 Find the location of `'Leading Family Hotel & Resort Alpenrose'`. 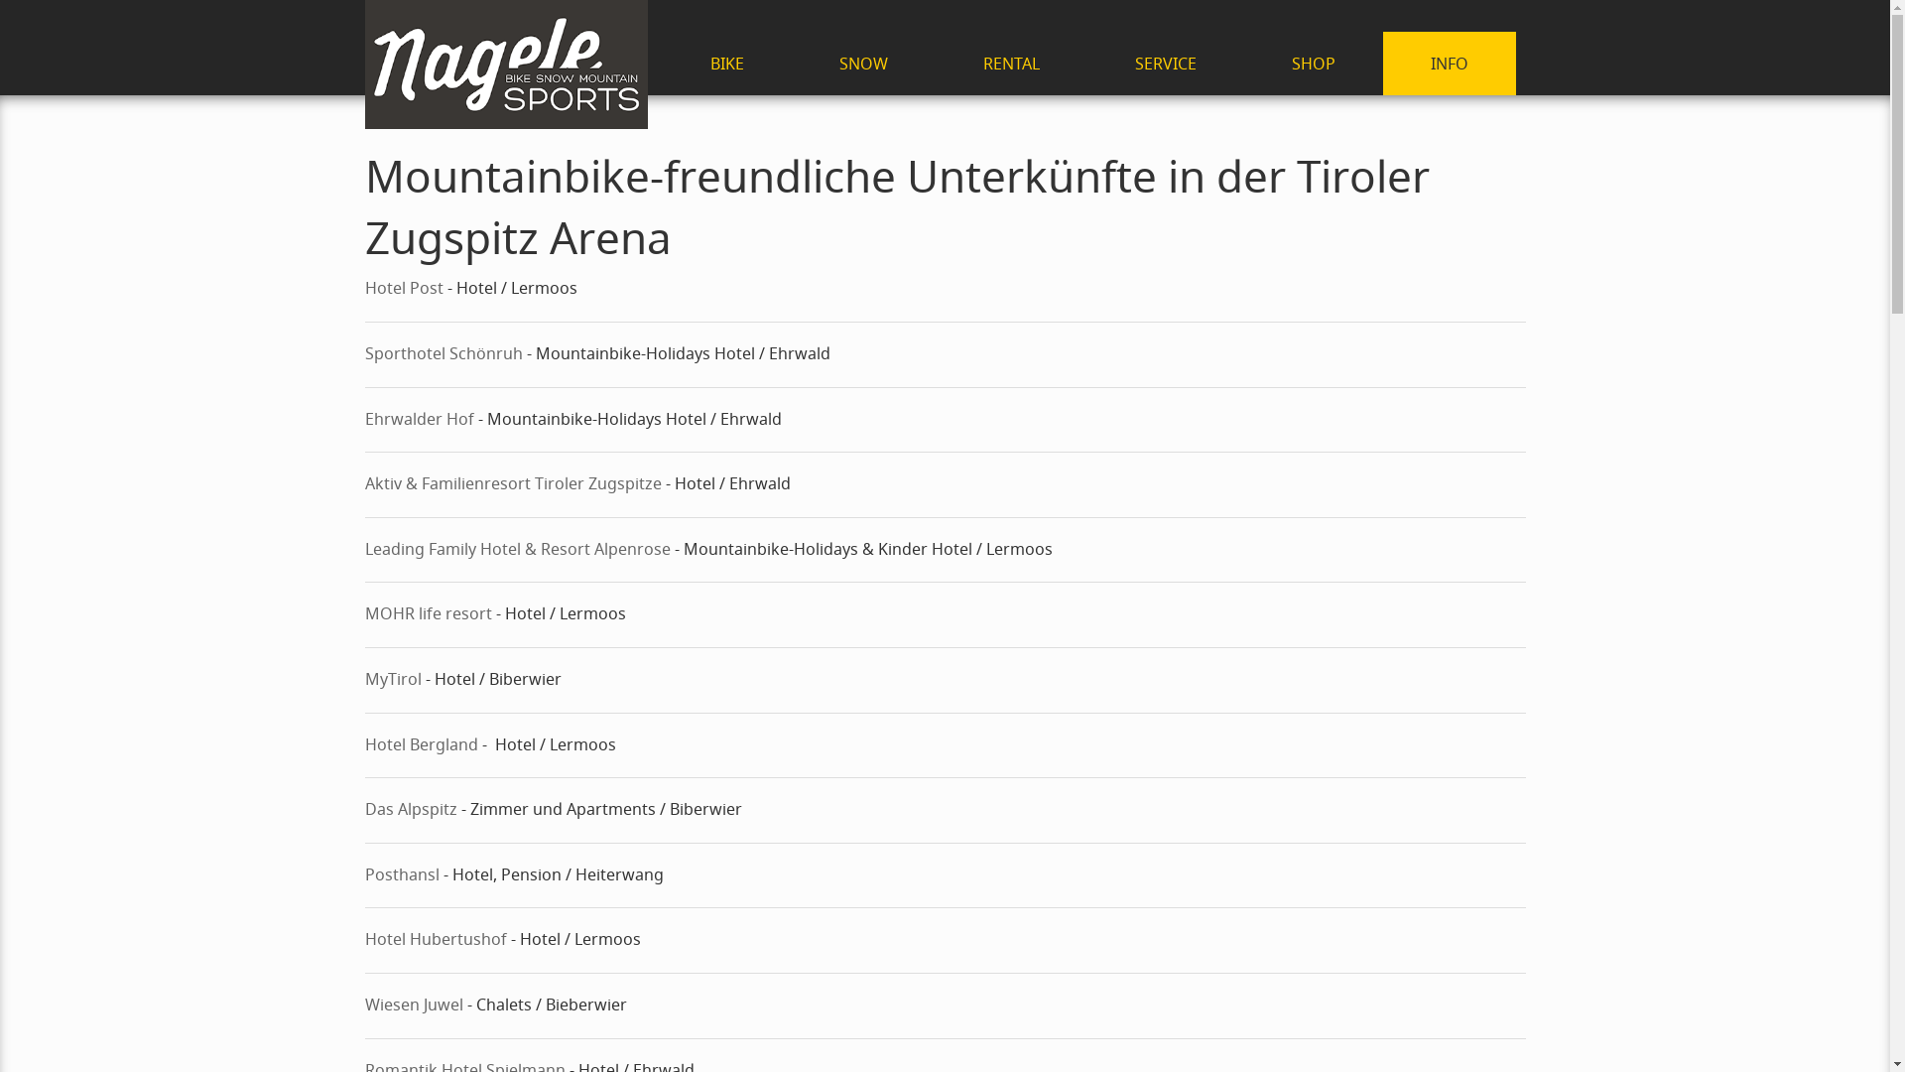

'Leading Family Hotel & Resort Alpenrose' is located at coordinates (518, 548).